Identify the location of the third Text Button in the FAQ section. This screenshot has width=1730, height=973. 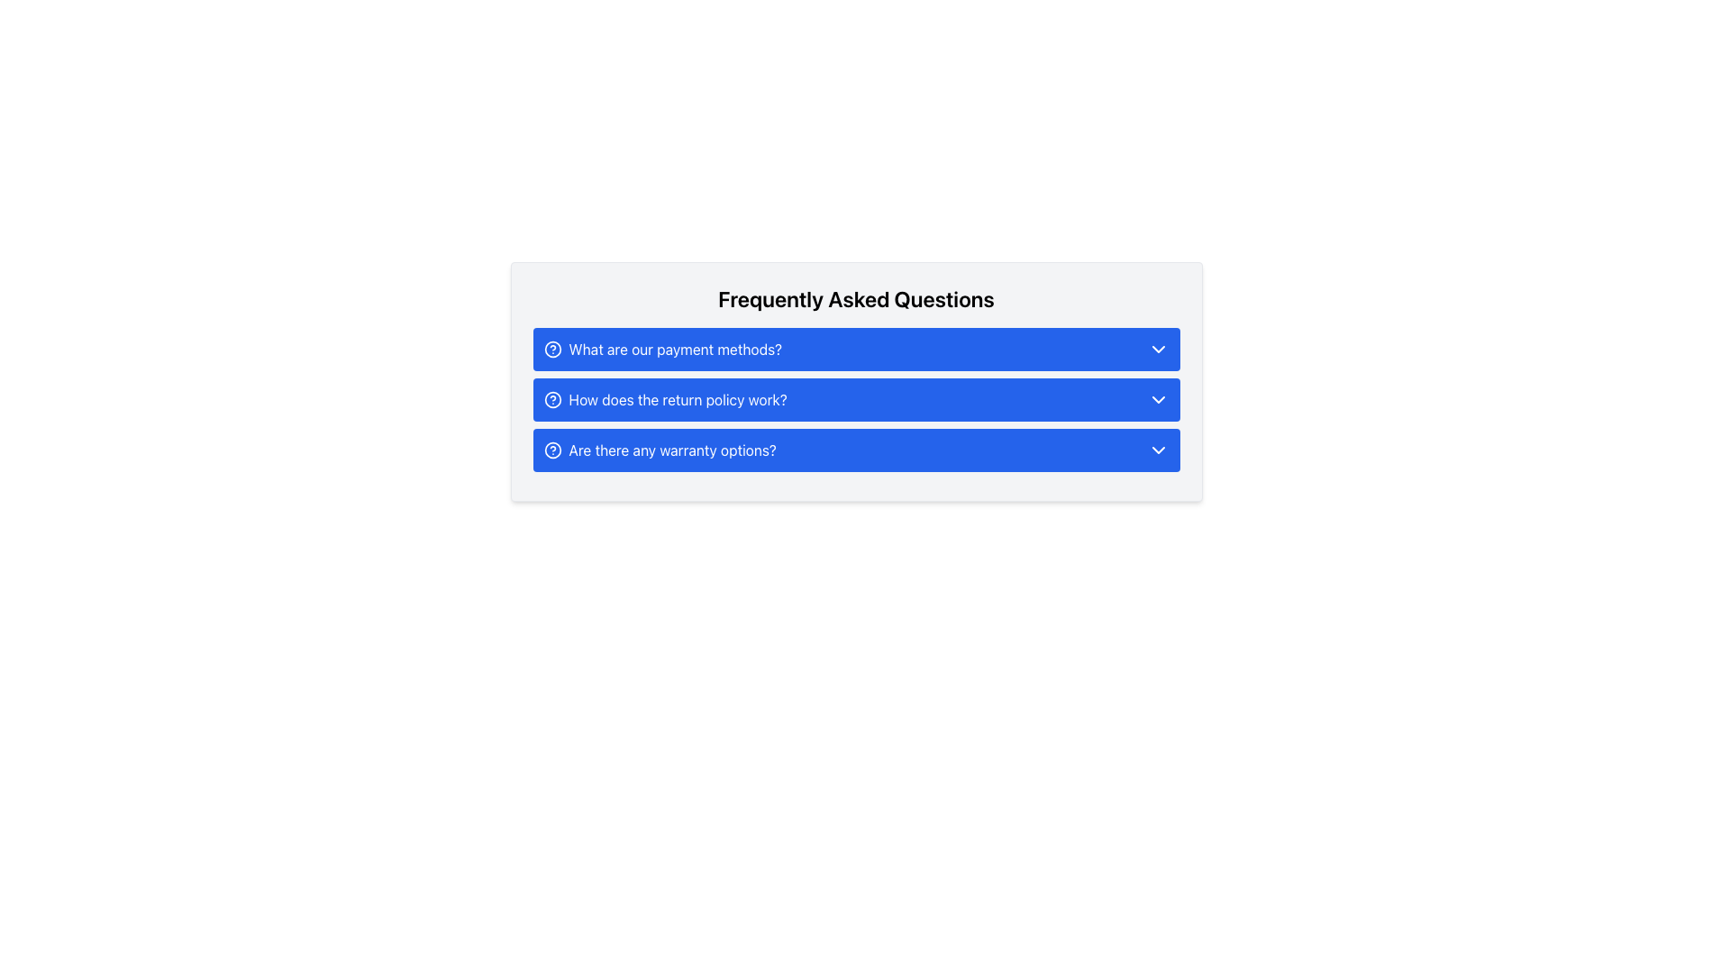
(671, 450).